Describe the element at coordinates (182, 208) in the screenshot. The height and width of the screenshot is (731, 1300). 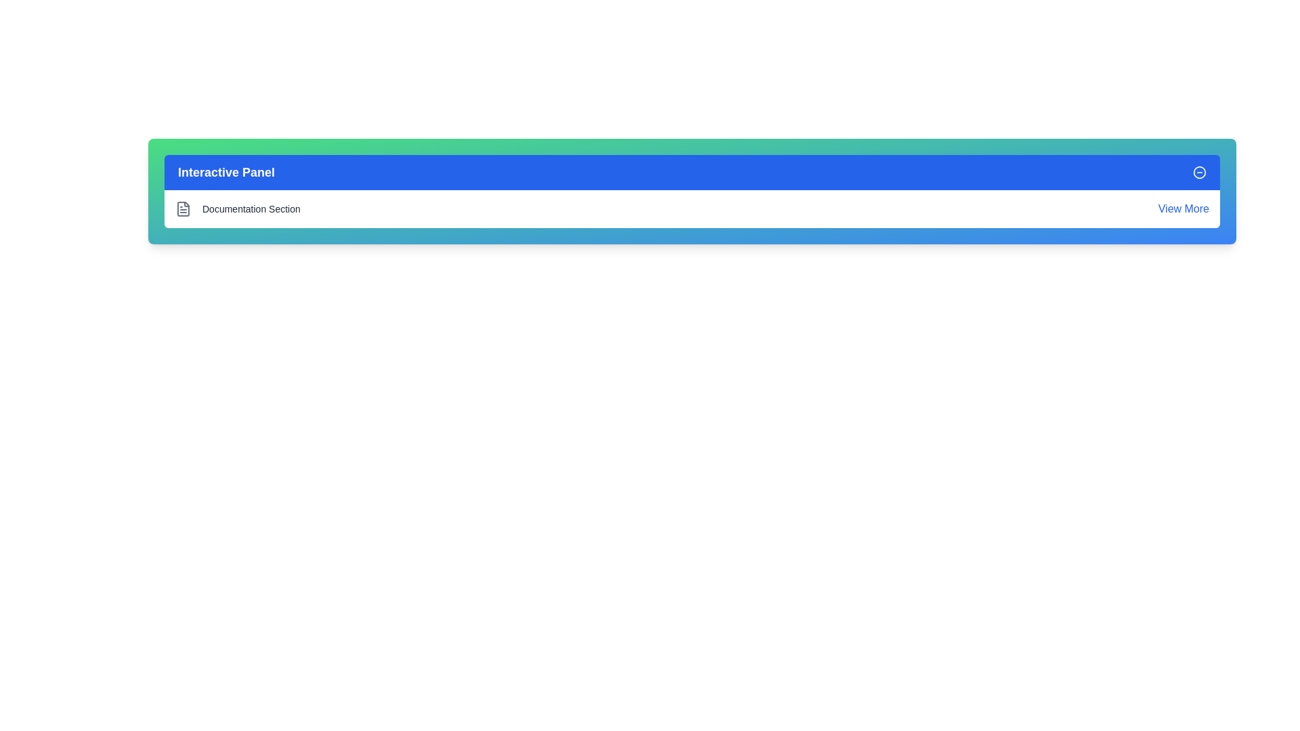
I see `the graphical file icon located to the left of the text 'Documentation Section', which has a rectangular shape and a tab-like profile in the top-left corner` at that location.